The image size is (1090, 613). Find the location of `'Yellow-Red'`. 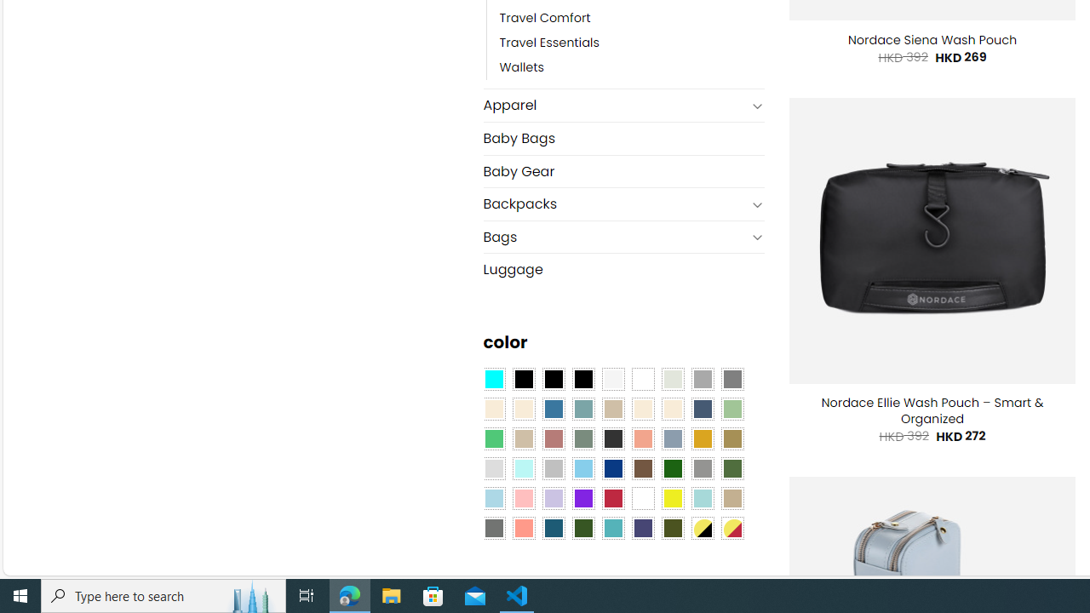

'Yellow-Red' is located at coordinates (732, 526).